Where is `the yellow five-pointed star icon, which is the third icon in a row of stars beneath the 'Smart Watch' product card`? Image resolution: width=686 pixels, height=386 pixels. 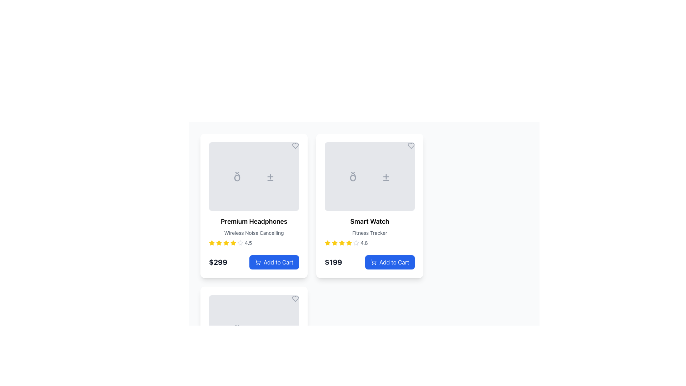 the yellow five-pointed star icon, which is the third icon in a row of stars beneath the 'Smart Watch' product card is located at coordinates (349, 242).